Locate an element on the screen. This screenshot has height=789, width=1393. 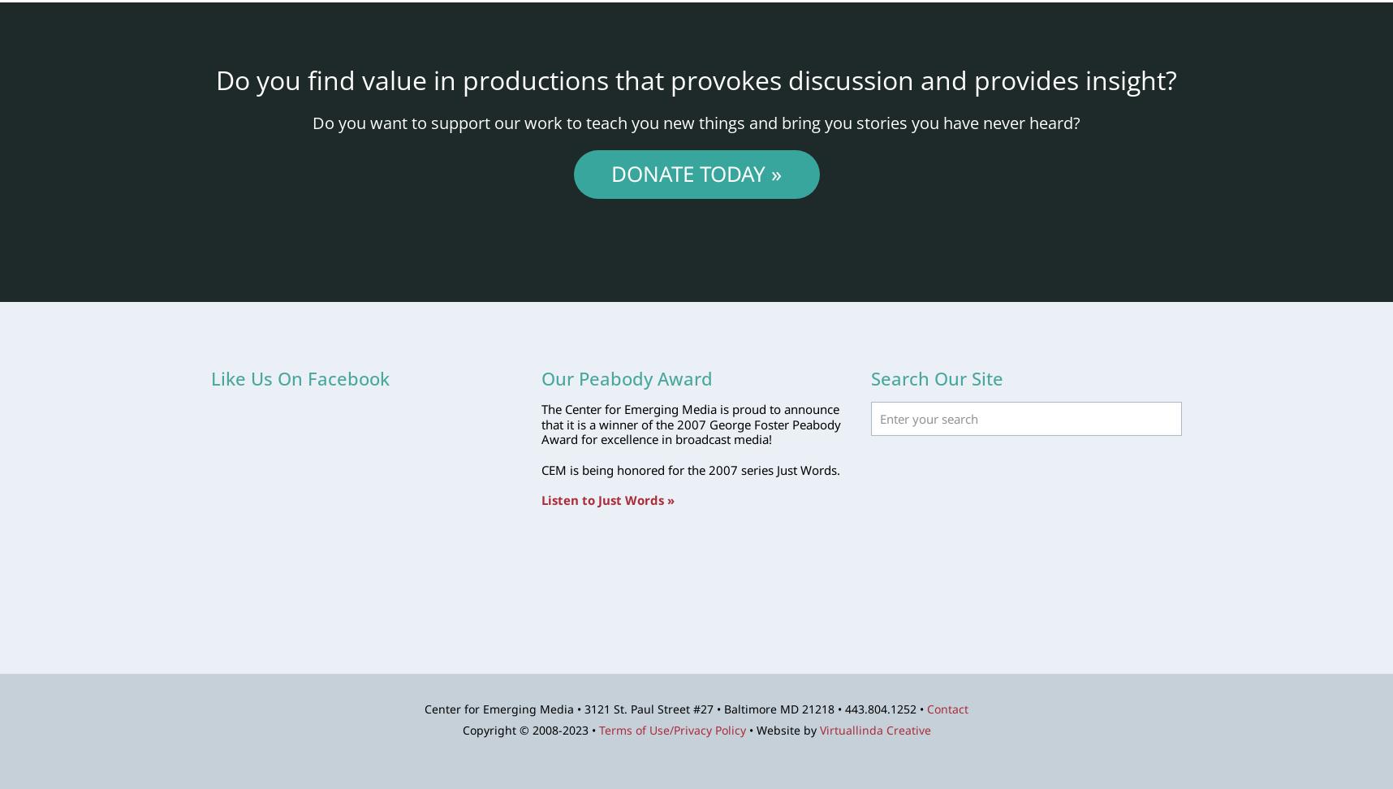
'The Center for Emerging Media is proud to announce that it is a winner of the 2007 George Foster Peabody Award for excellence in broadcast media!' is located at coordinates (690, 423).